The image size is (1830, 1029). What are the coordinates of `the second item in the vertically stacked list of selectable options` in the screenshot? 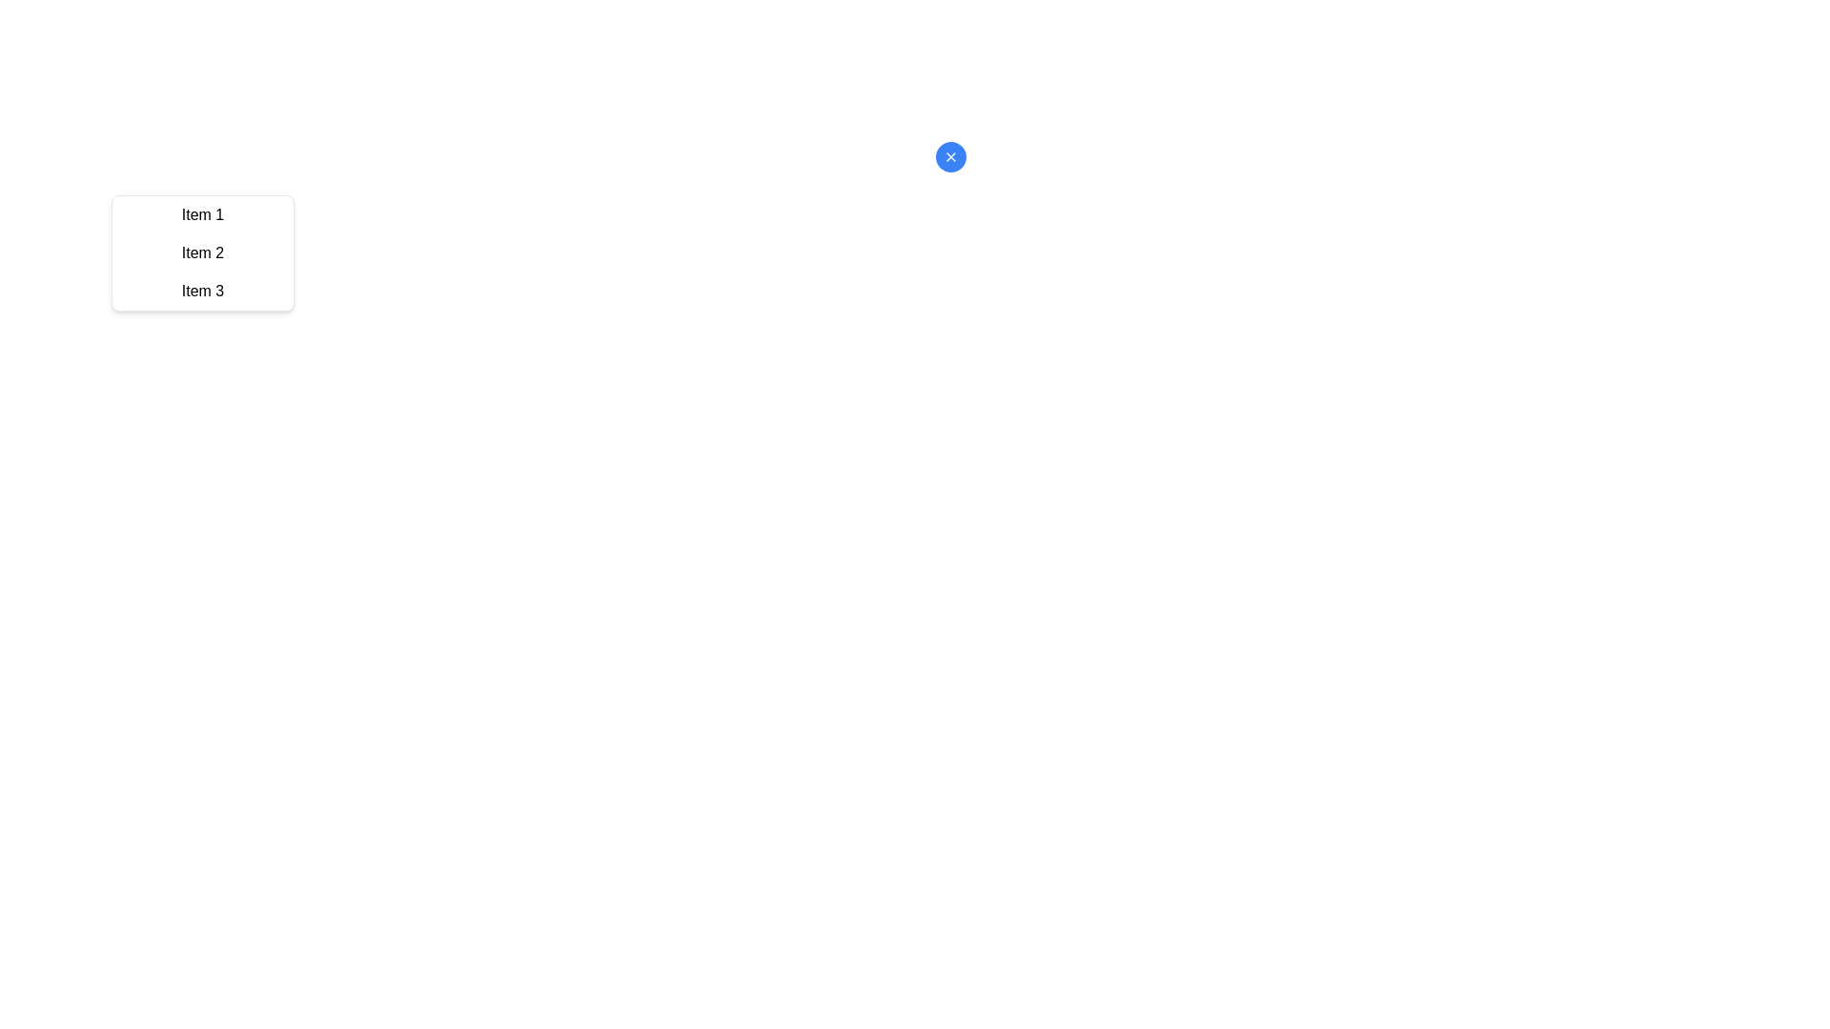 It's located at (202, 252).